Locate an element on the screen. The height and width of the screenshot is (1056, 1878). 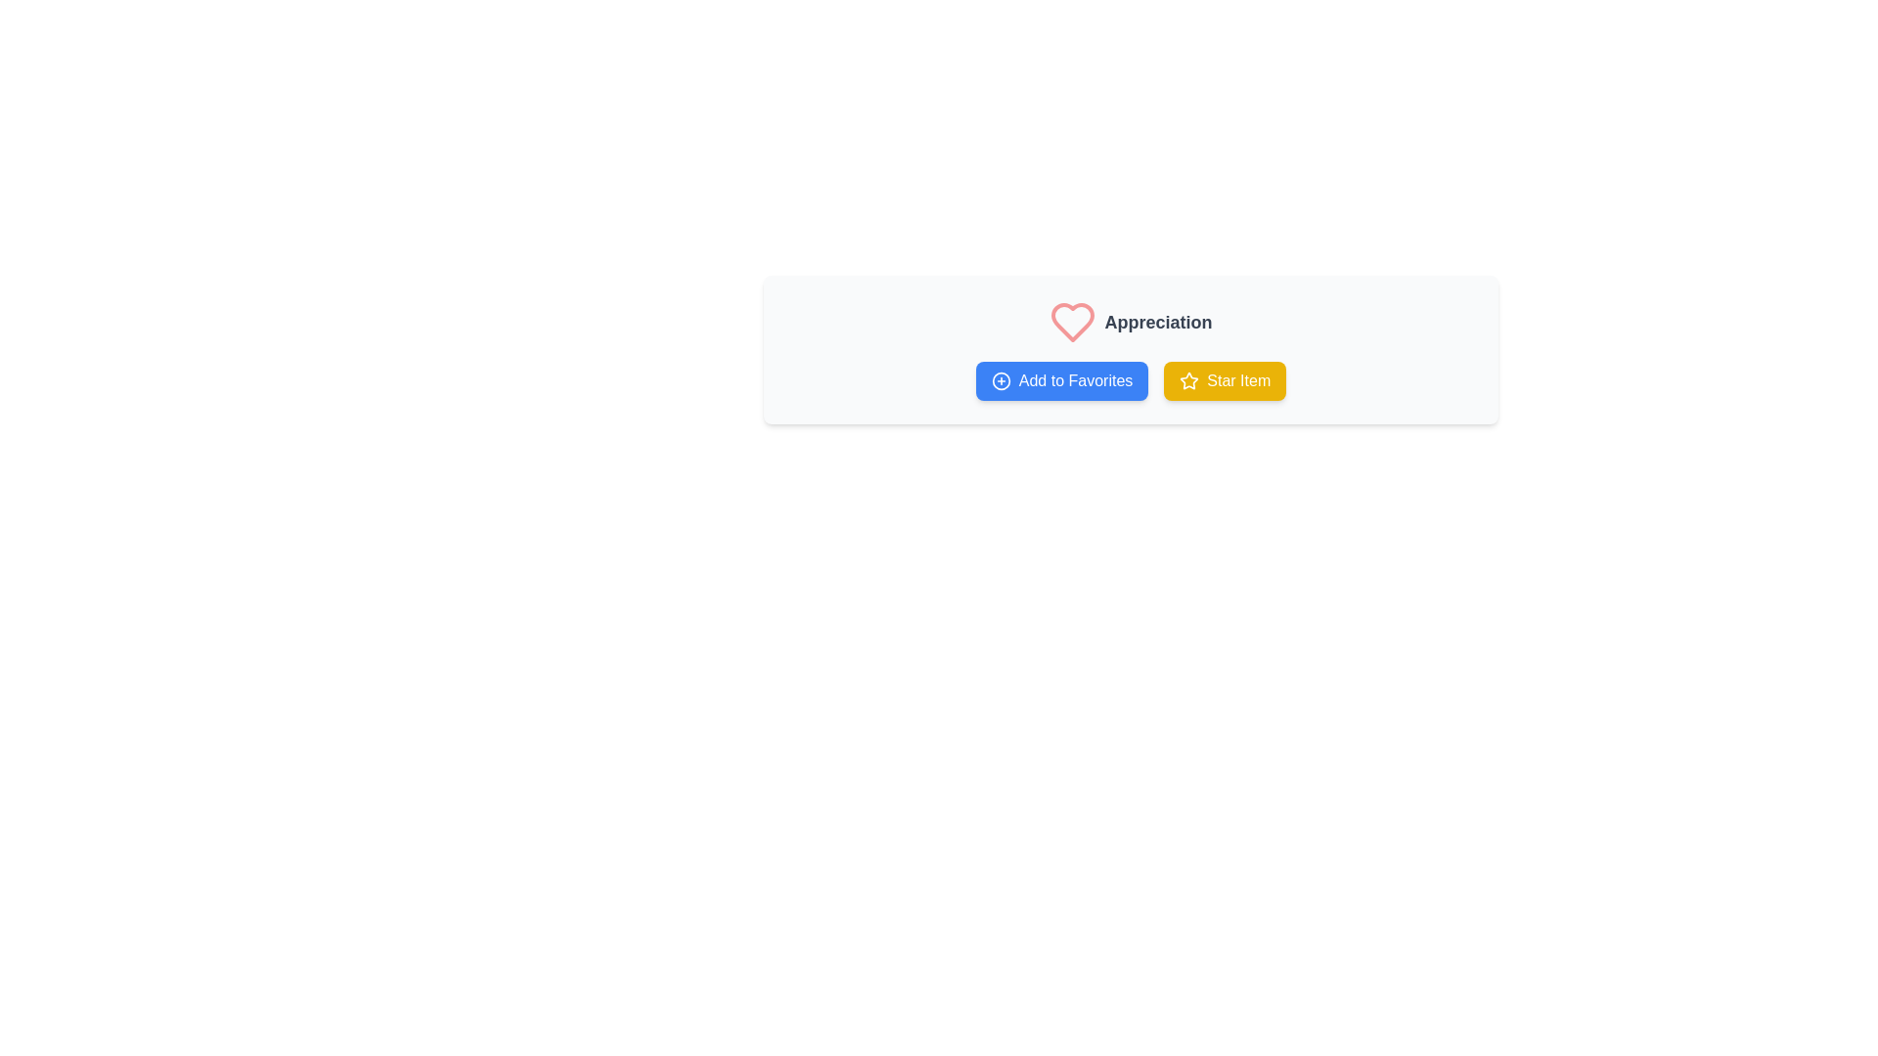
the heart-shaped icon outlined with a red stroke that has a pulsating animation, located to the left of the text 'Appreciation' is located at coordinates (1072, 322).